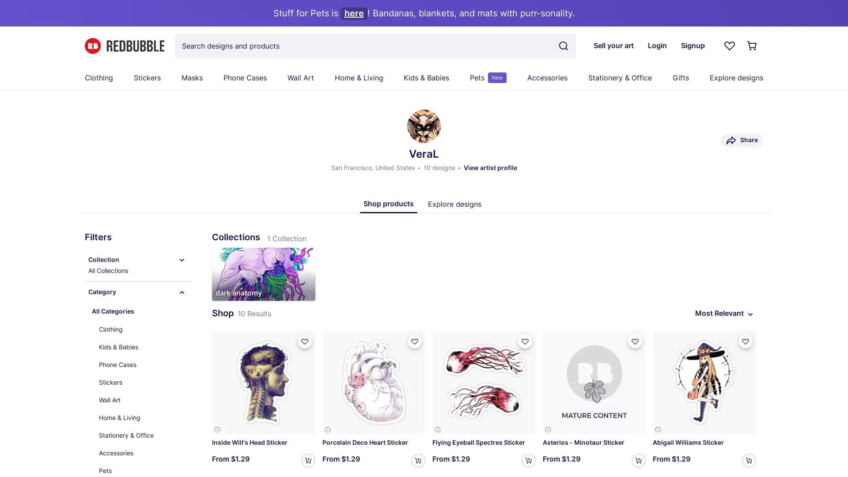  I want to click on Clothing, so click(141, 329).